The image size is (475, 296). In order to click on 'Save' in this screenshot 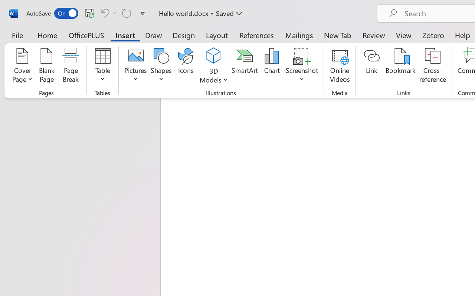, I will do `click(89, 13)`.